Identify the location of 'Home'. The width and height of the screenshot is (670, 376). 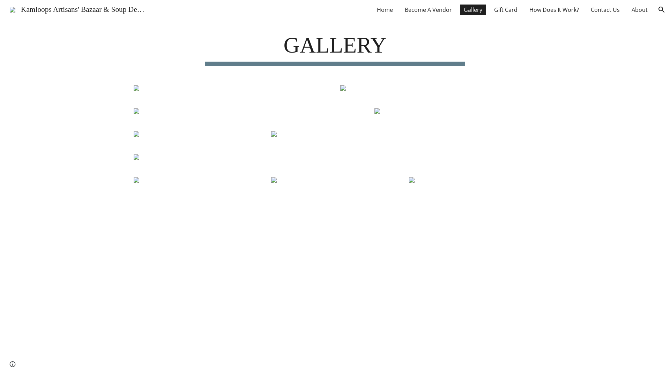
(385, 9).